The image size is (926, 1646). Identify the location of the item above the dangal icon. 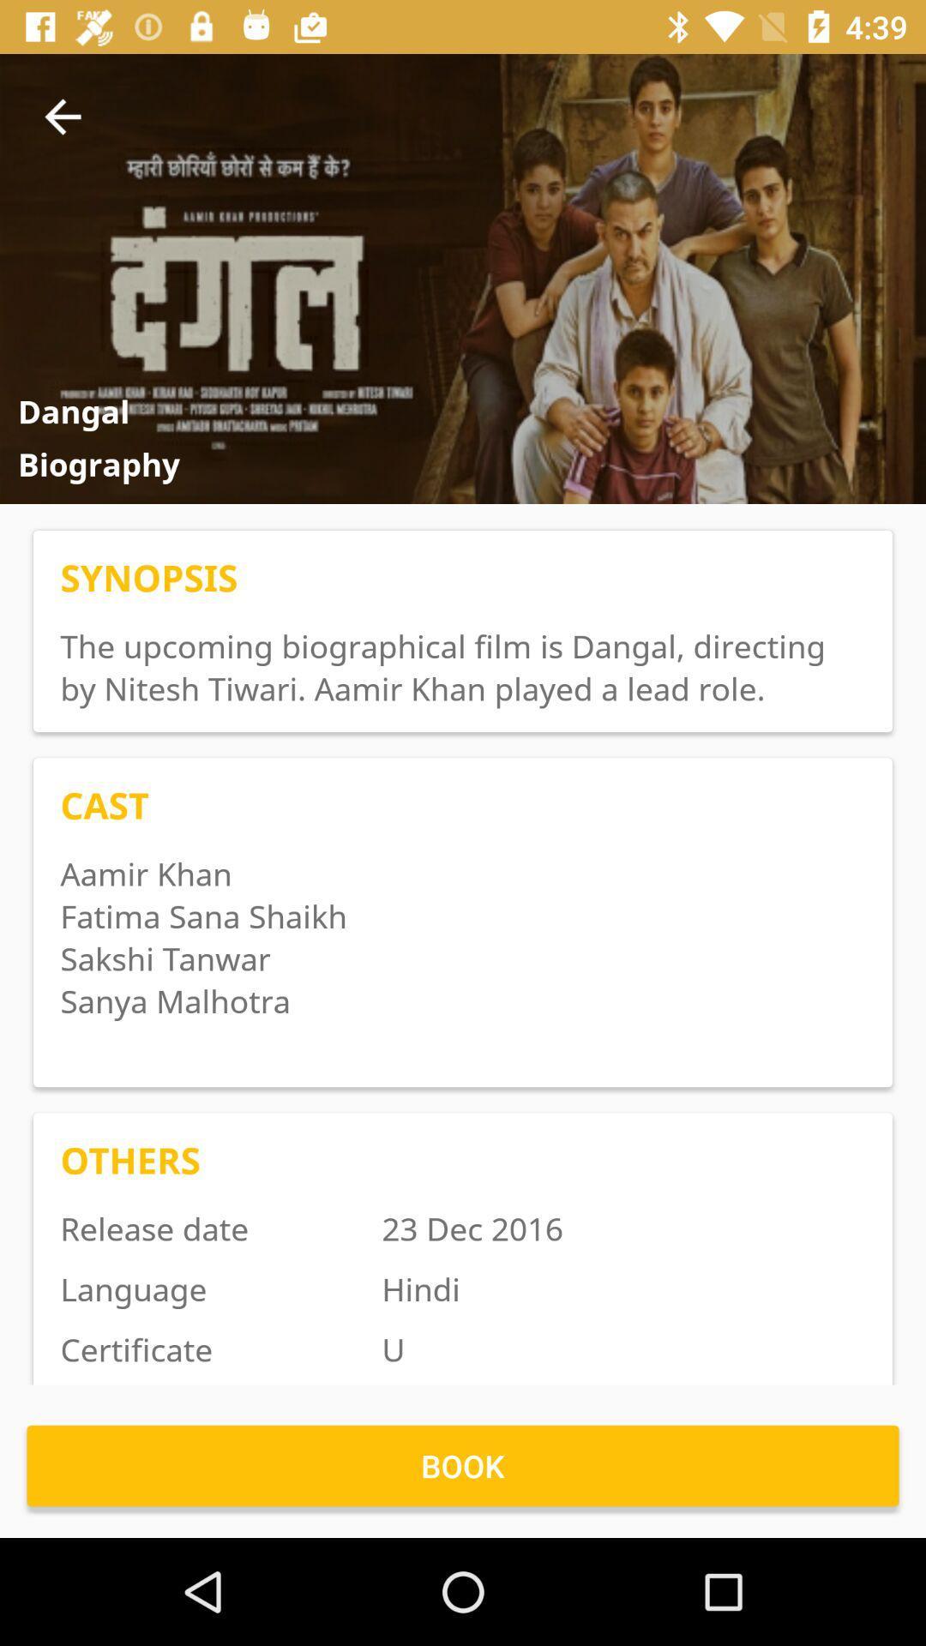
(62, 116).